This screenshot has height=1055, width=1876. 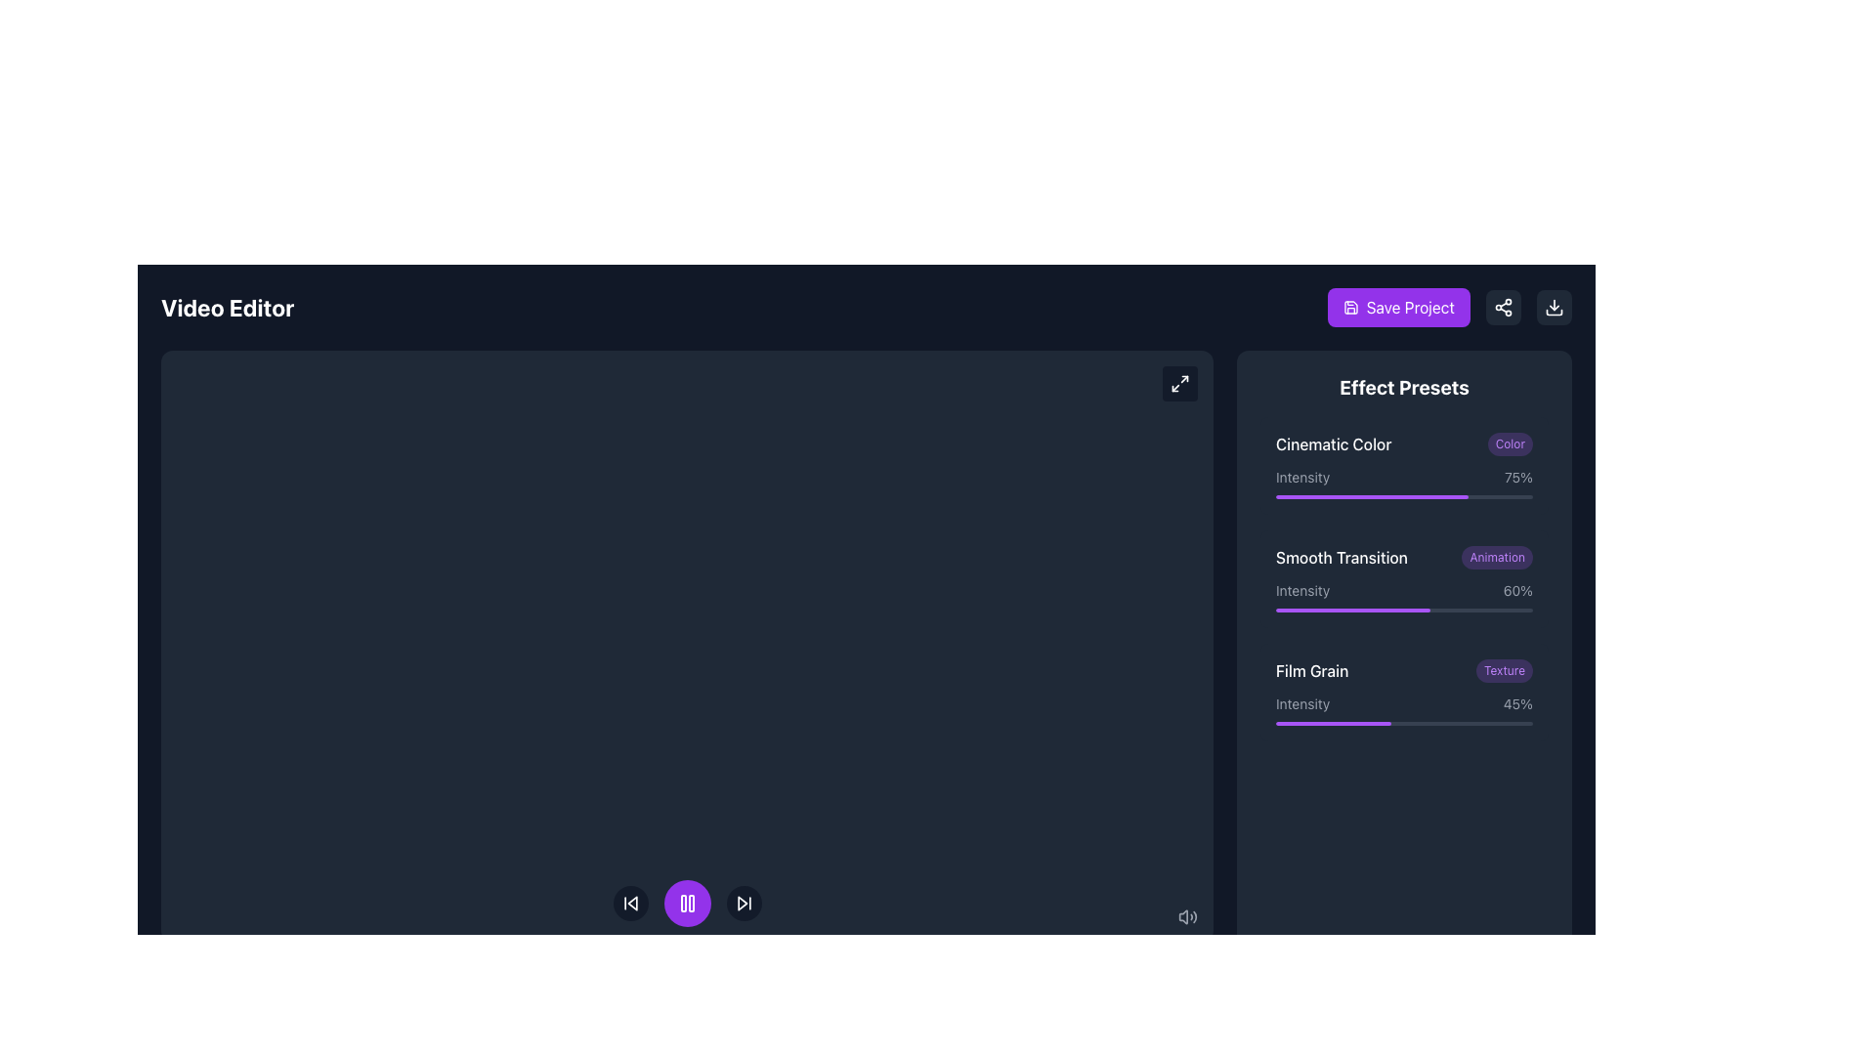 What do you see at coordinates (741, 903) in the screenshot?
I see `the rightmost circular button icon resembling a forward button` at bounding box center [741, 903].